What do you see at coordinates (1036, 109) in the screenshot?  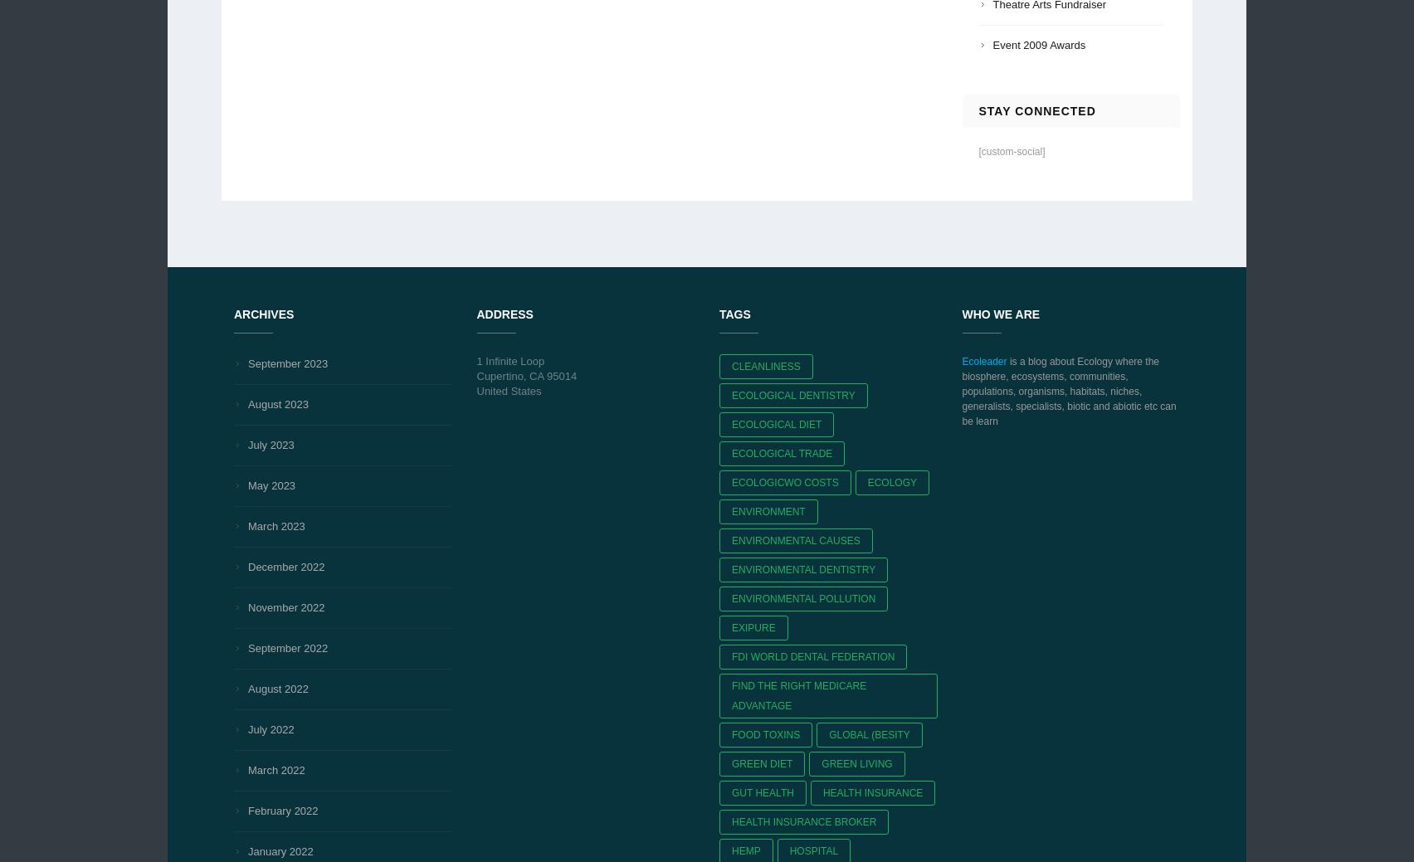 I see `'Stay Connected'` at bounding box center [1036, 109].